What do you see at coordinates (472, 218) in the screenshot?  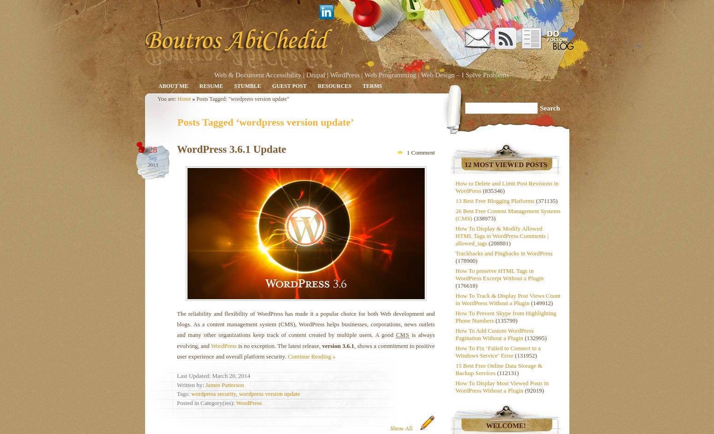 I see `'(338973)'` at bounding box center [472, 218].